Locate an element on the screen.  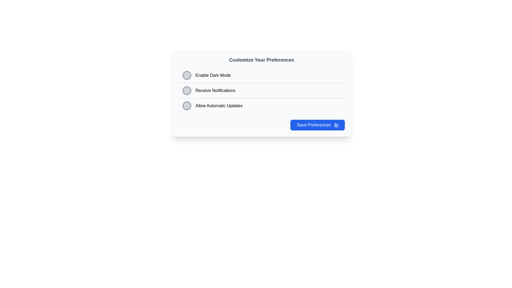
the heading 'Customize Your Preferences' which is styled in bold and larger font, located at the top of the centered card layout is located at coordinates (261, 60).